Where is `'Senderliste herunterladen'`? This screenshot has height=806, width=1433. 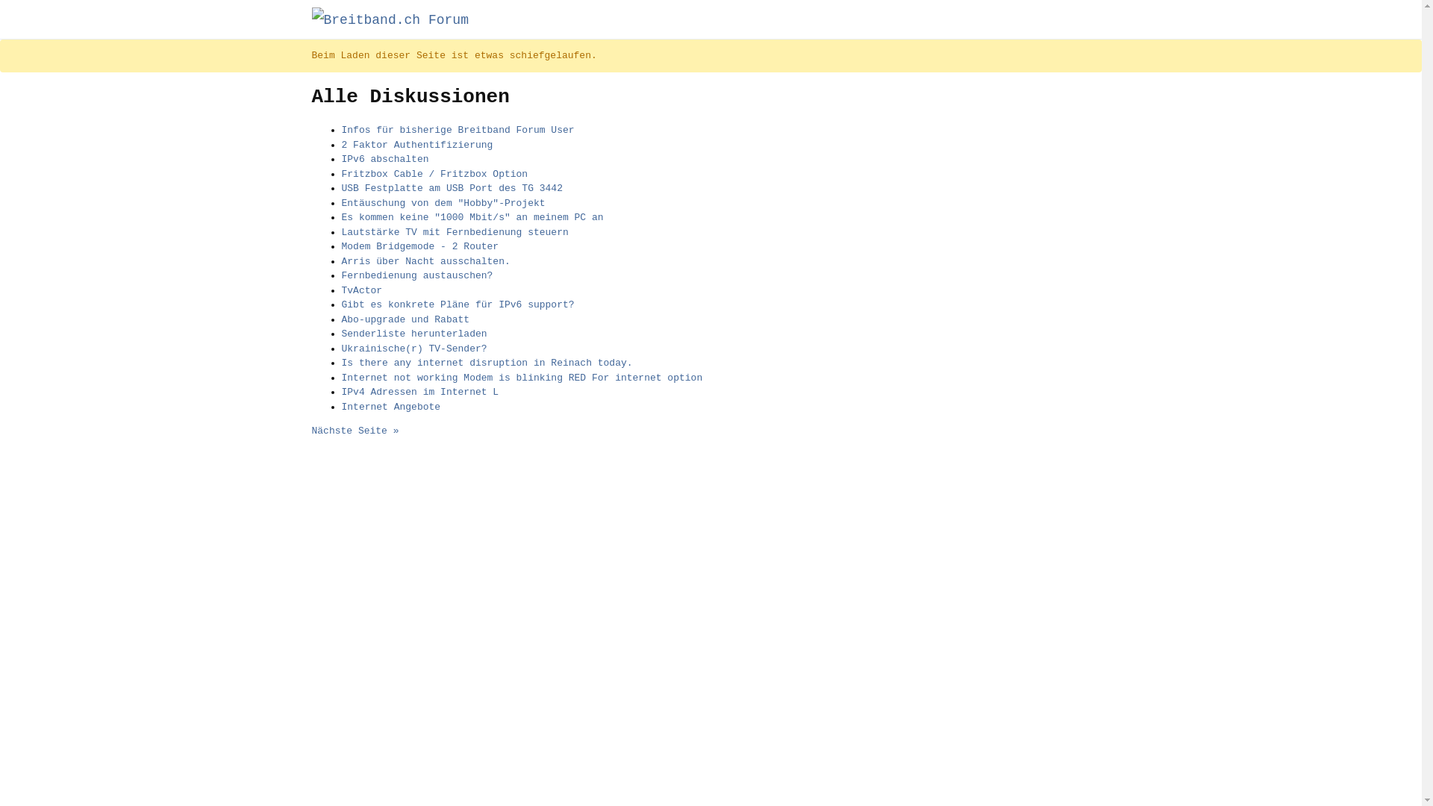
'Senderliste herunterladen' is located at coordinates (340, 333).